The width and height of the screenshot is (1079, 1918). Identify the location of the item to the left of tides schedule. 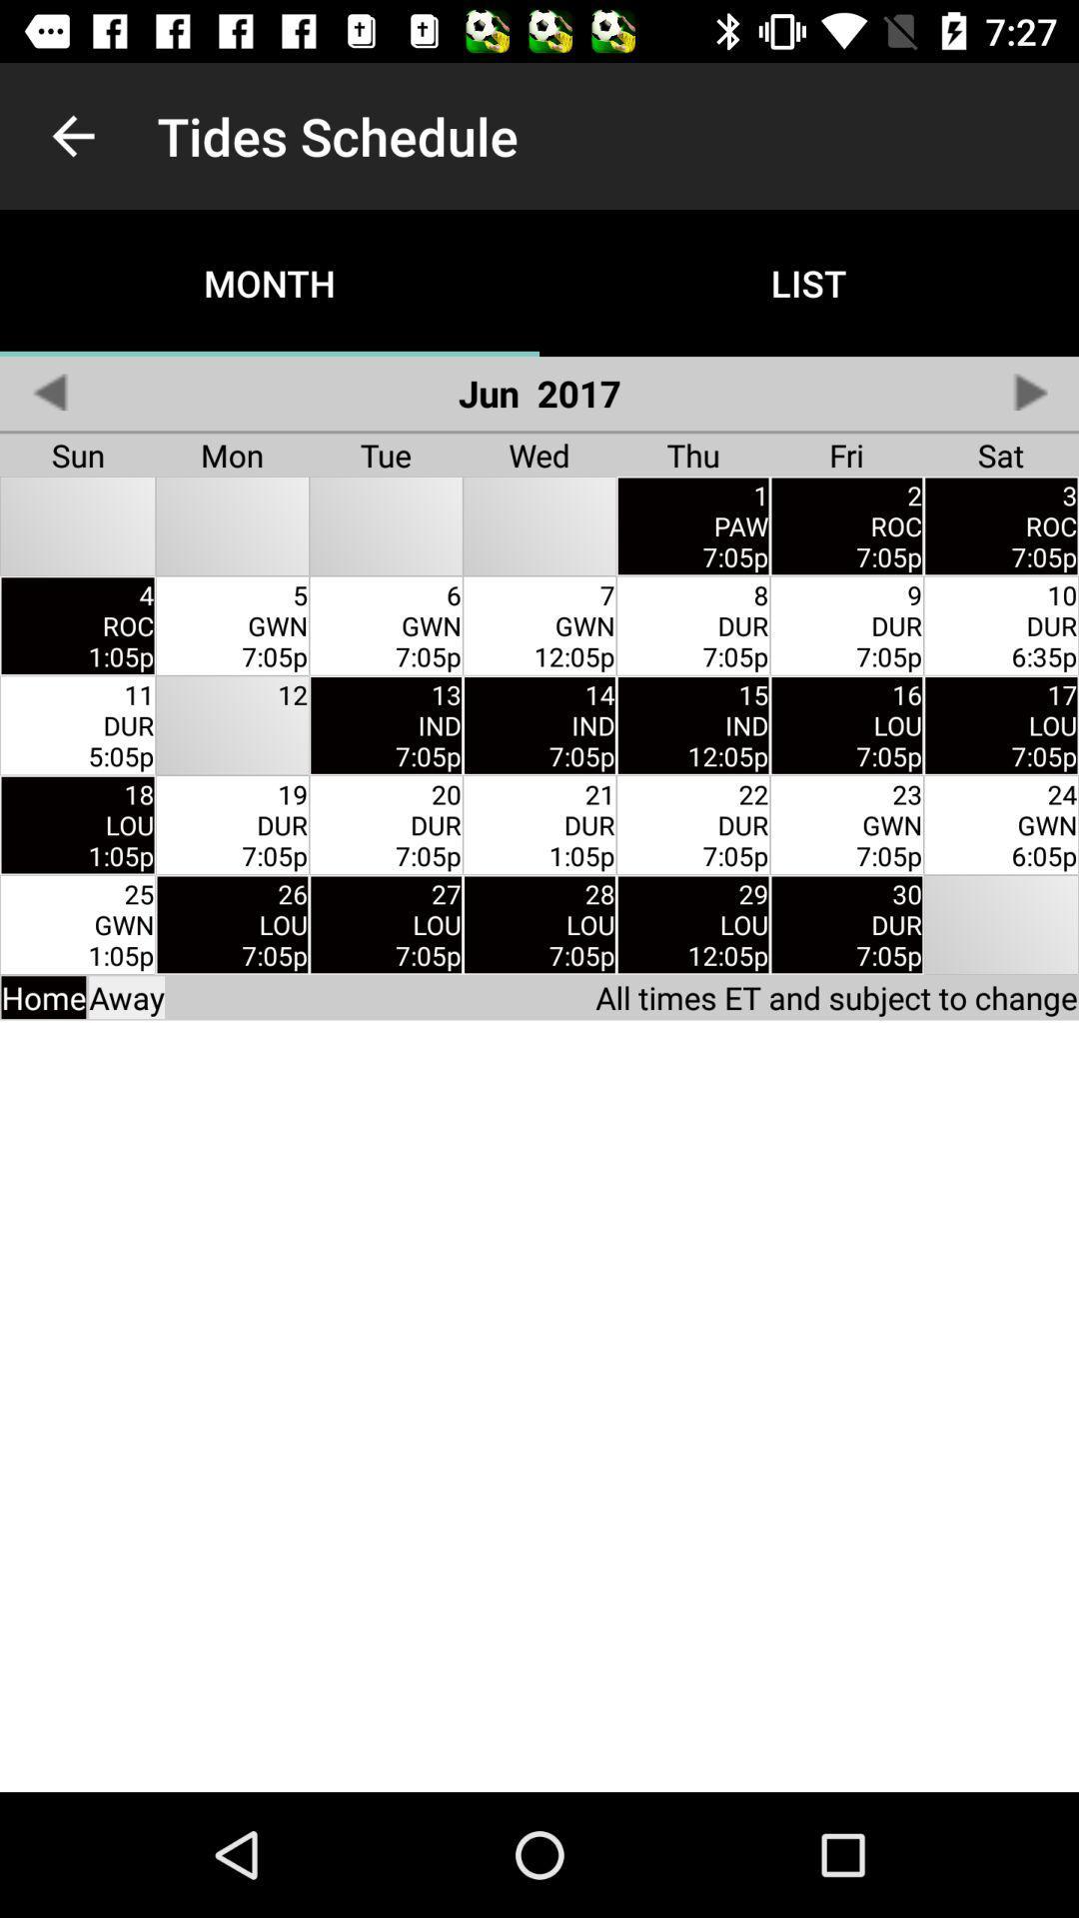
(72, 135).